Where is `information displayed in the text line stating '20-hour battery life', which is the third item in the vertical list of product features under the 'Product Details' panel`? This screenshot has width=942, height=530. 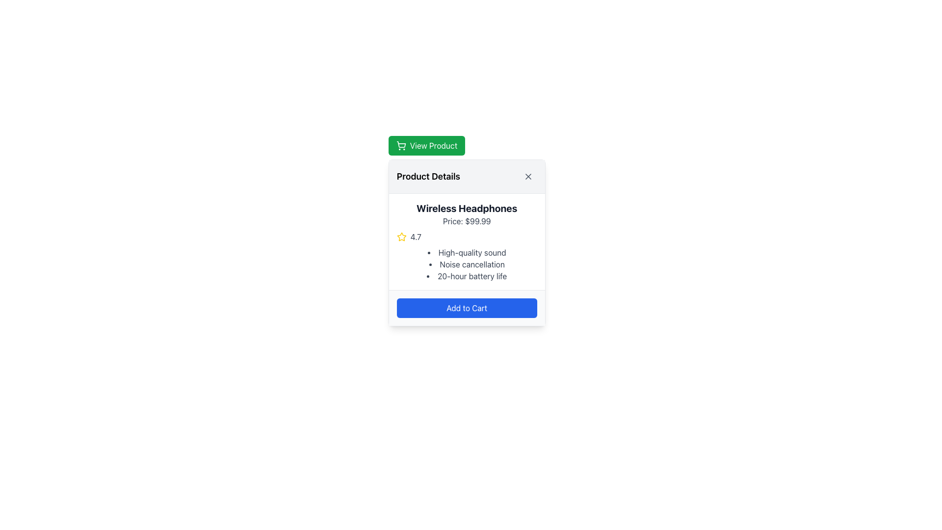
information displayed in the text line stating '20-hour battery life', which is the third item in the vertical list of product features under the 'Product Details' panel is located at coordinates (466, 276).